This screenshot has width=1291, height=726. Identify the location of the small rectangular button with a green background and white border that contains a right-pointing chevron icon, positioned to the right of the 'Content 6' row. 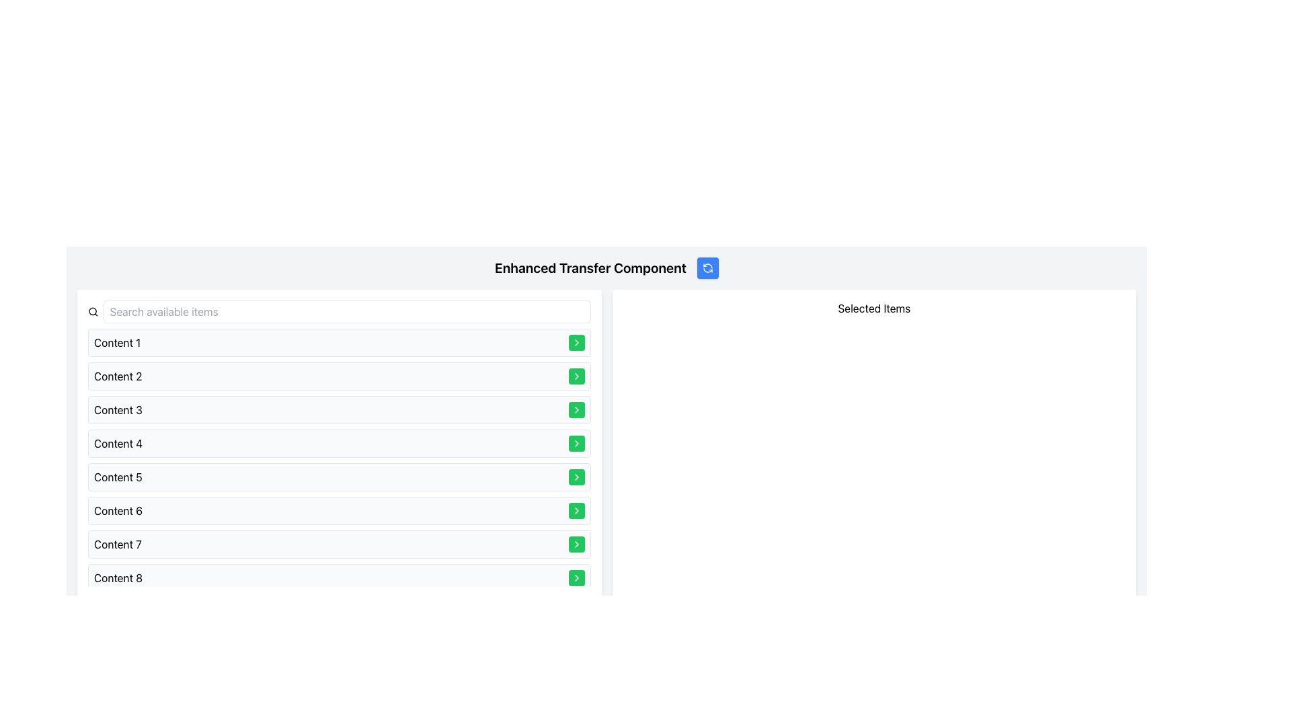
(576, 510).